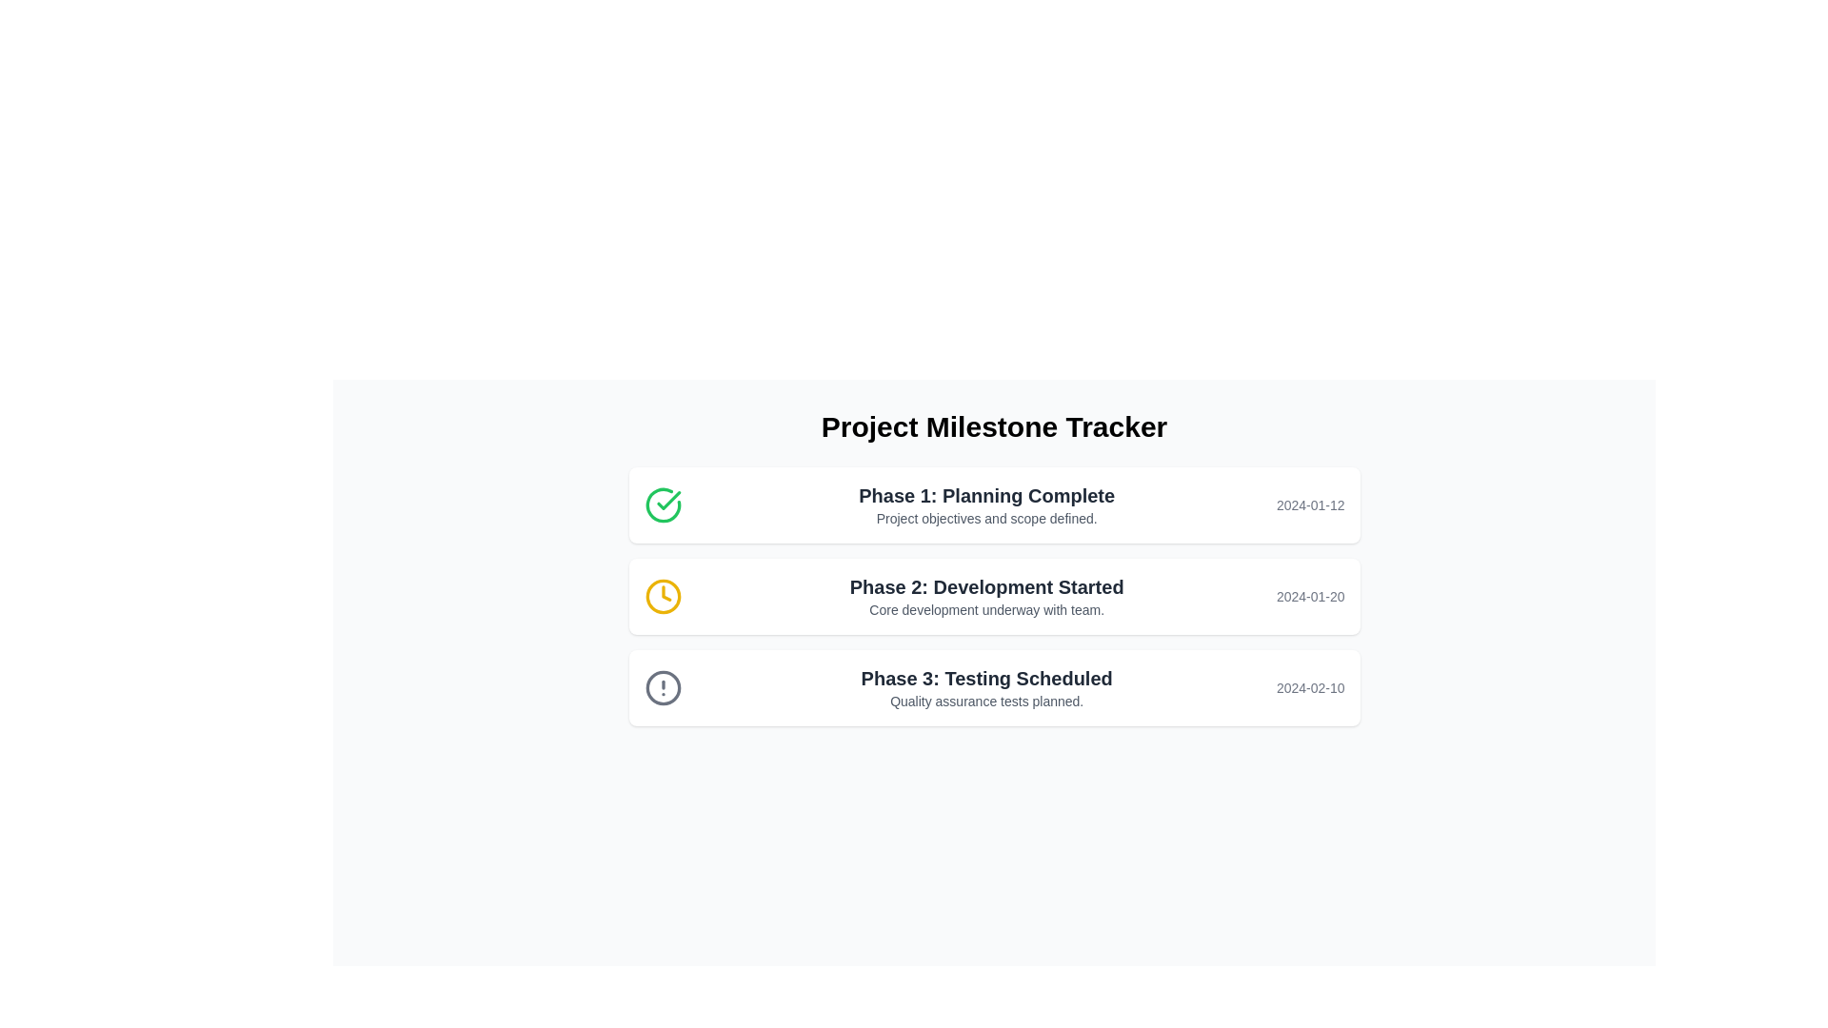  Describe the element at coordinates (668, 499) in the screenshot. I see `the green checkmark icon located to the left of the text 'Phase 1: Planning Complete' in the milestone list` at that location.